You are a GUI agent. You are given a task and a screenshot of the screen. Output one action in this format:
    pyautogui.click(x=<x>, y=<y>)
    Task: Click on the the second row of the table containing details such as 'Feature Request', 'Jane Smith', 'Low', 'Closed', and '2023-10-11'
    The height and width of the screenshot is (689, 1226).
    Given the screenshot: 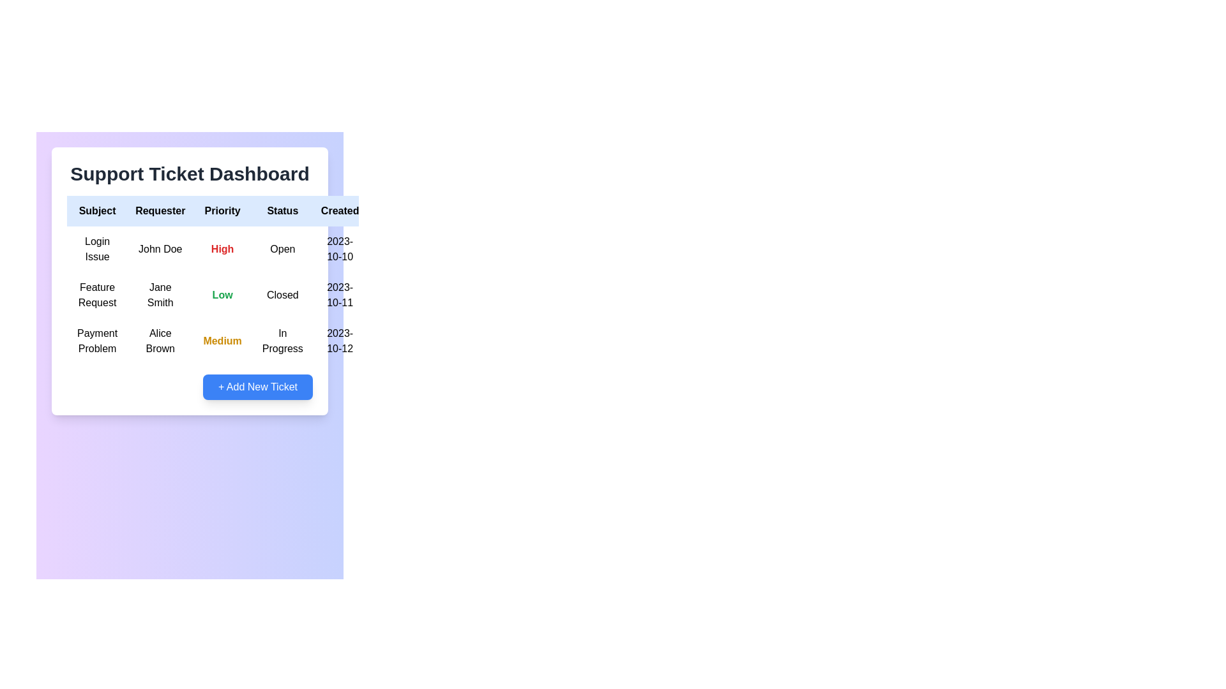 What is the action you would take?
    pyautogui.click(x=244, y=295)
    